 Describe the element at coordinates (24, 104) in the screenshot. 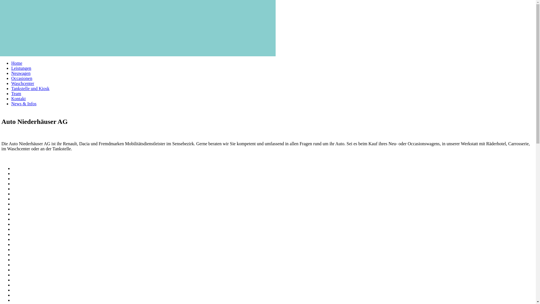

I see `'News & Infos'` at that location.